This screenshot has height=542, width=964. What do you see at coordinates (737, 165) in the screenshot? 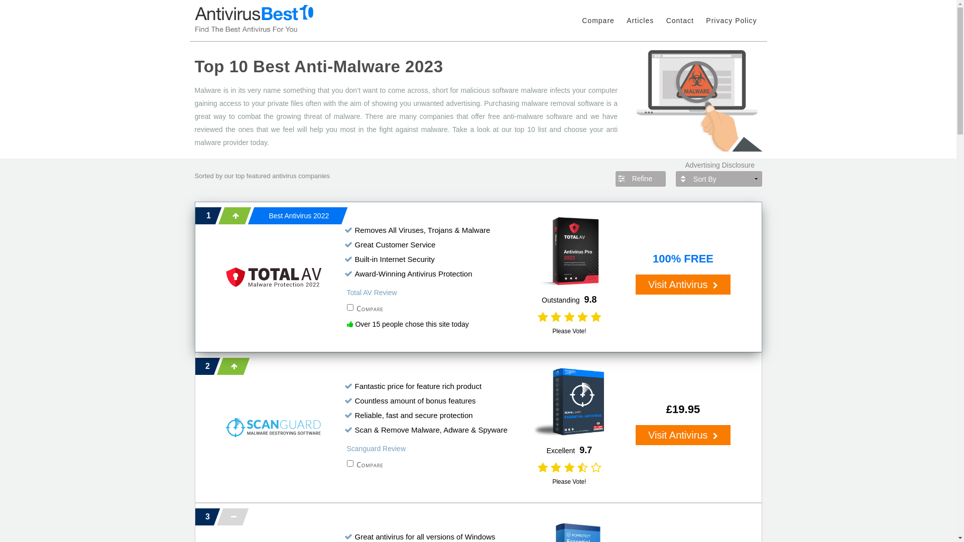
I see `'Advertising Disclosure'` at bounding box center [737, 165].